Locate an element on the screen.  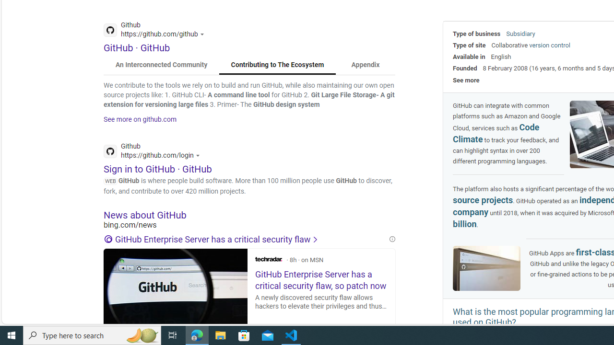
'Appendix' is located at coordinates (365, 65).